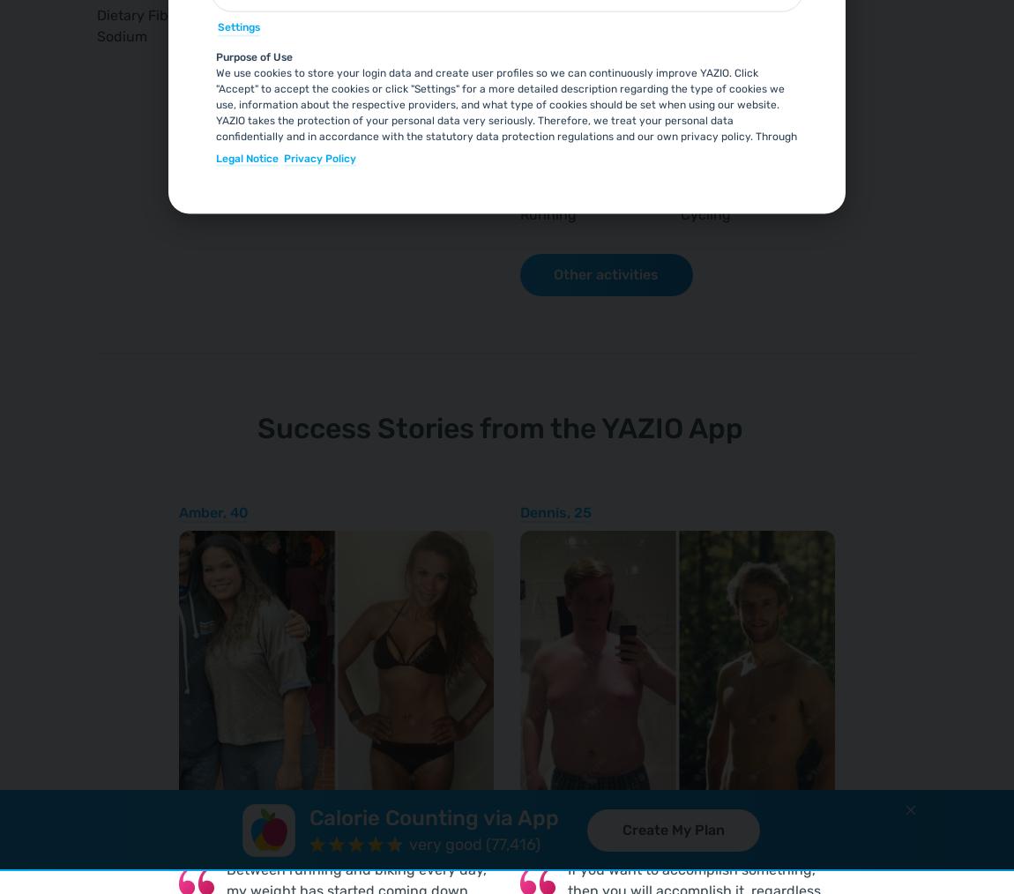 This screenshot has height=894, width=1014. Describe the element at coordinates (329, 35) in the screenshot. I see `'0.2'` at that location.